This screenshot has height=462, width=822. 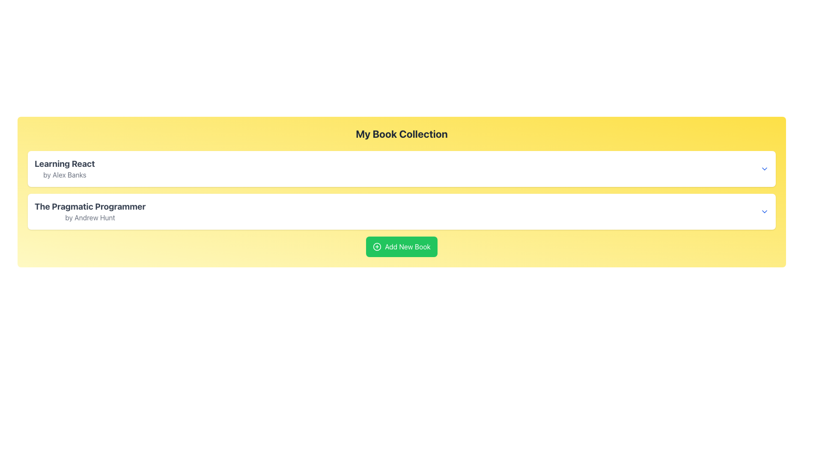 I want to click on the circular graphical element within the SVG, which is centrally positioned at the bottom-center of the application interface and adjacent to the label 'Add New Book', so click(x=377, y=247).